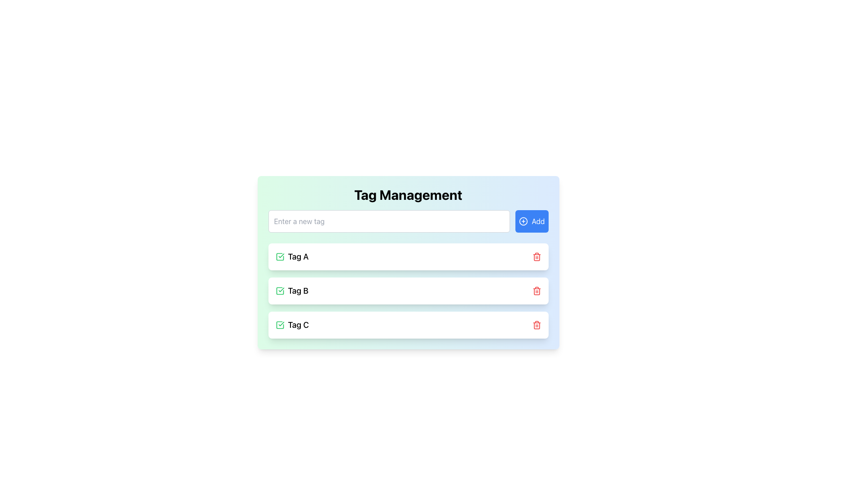  I want to click on the green square icon with rounded corners containing a checkmark symbol, located to the left of the text 'Tag C' in the third item of the vertical list, so click(279, 325).